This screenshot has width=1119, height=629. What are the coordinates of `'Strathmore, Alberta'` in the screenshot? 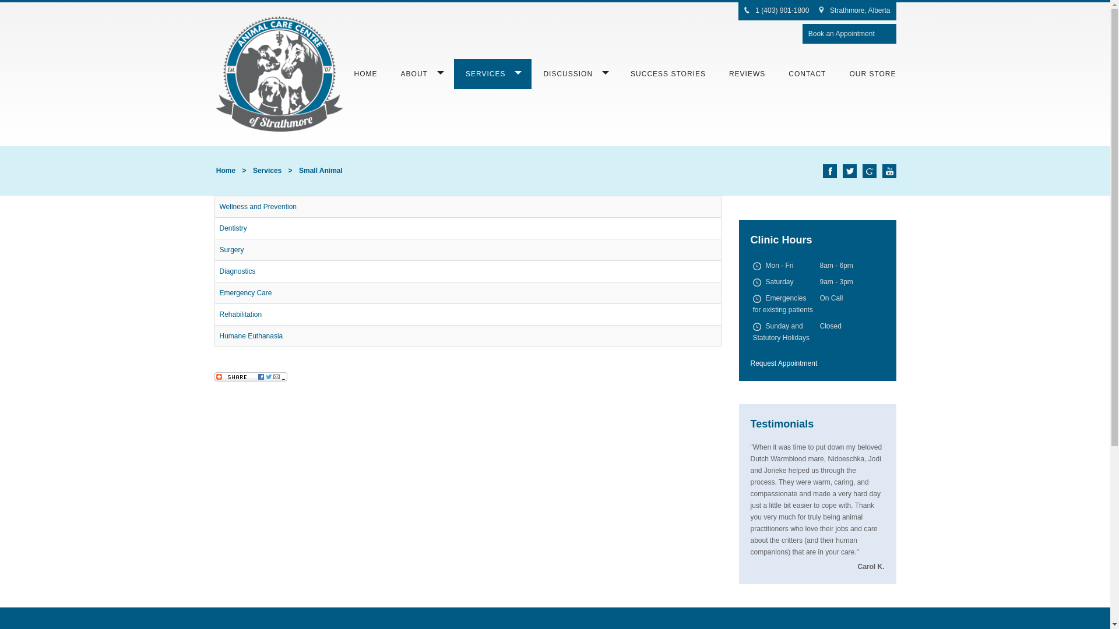 It's located at (860, 10).